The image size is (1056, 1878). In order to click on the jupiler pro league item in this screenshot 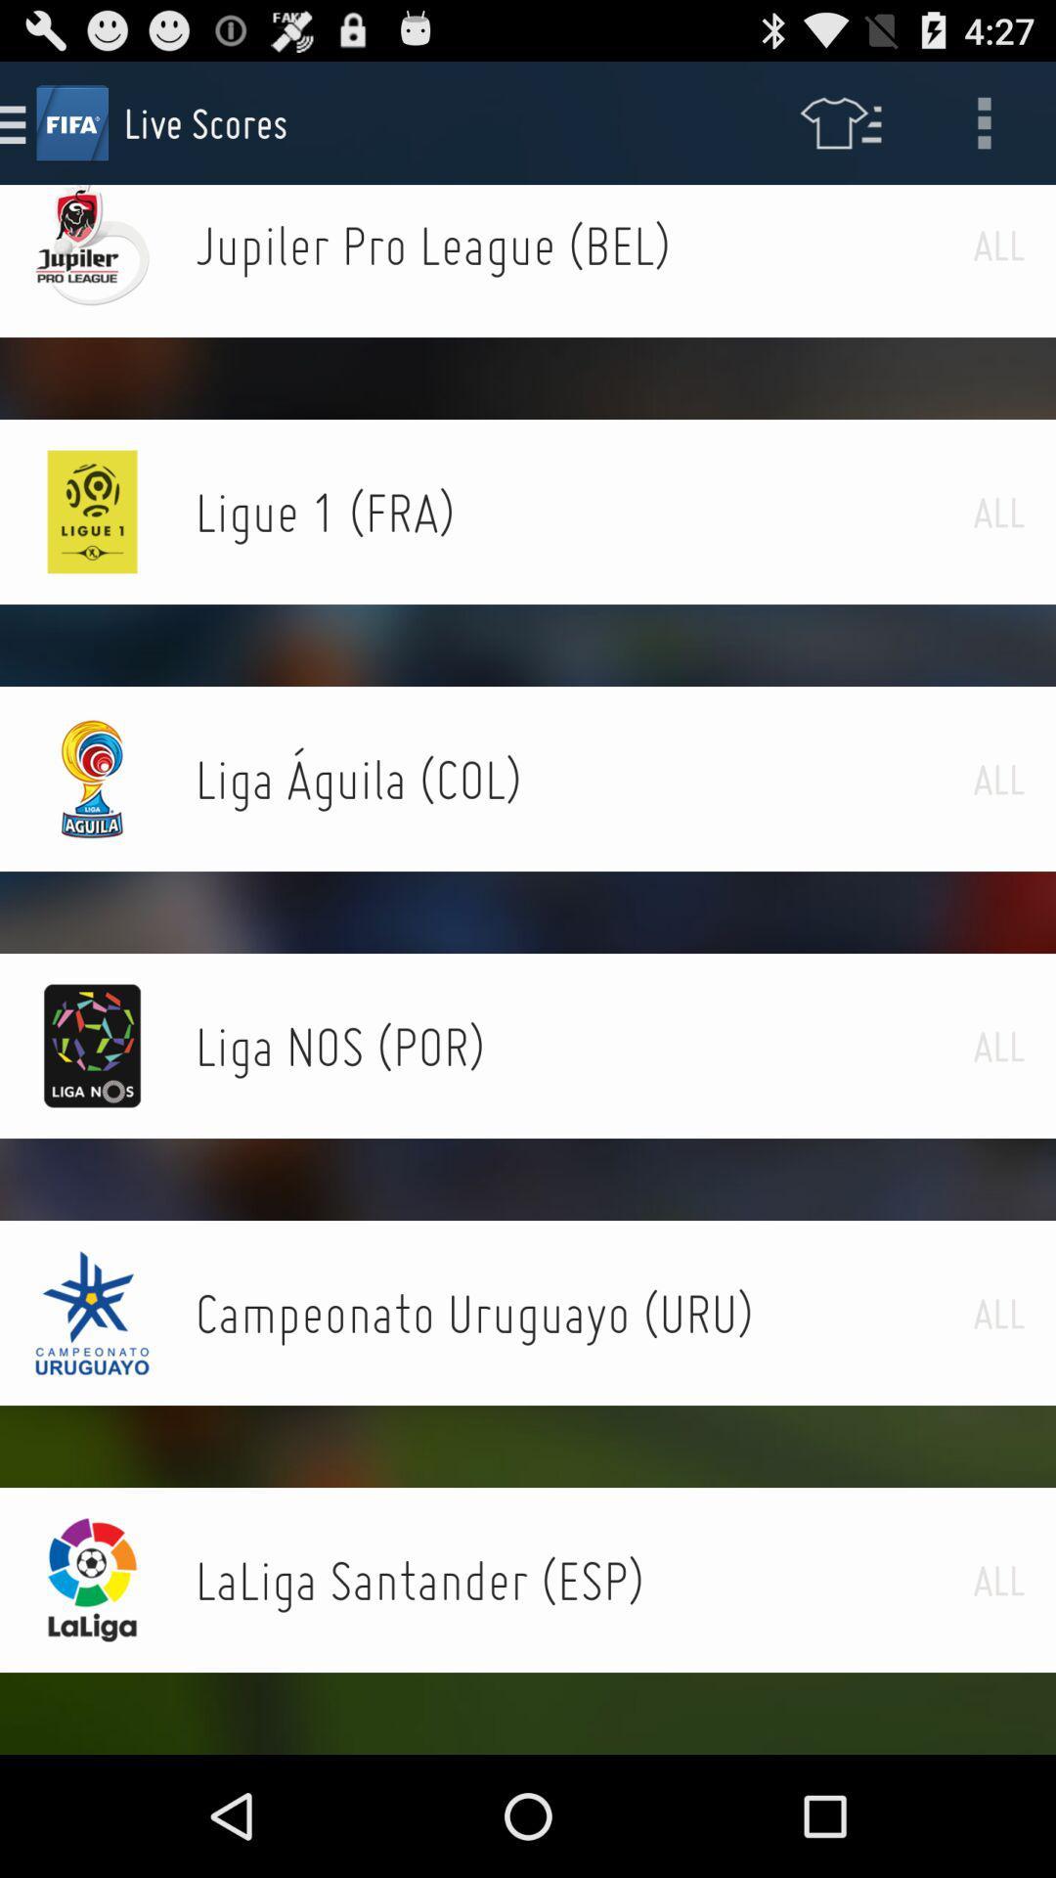, I will do `click(583, 244)`.